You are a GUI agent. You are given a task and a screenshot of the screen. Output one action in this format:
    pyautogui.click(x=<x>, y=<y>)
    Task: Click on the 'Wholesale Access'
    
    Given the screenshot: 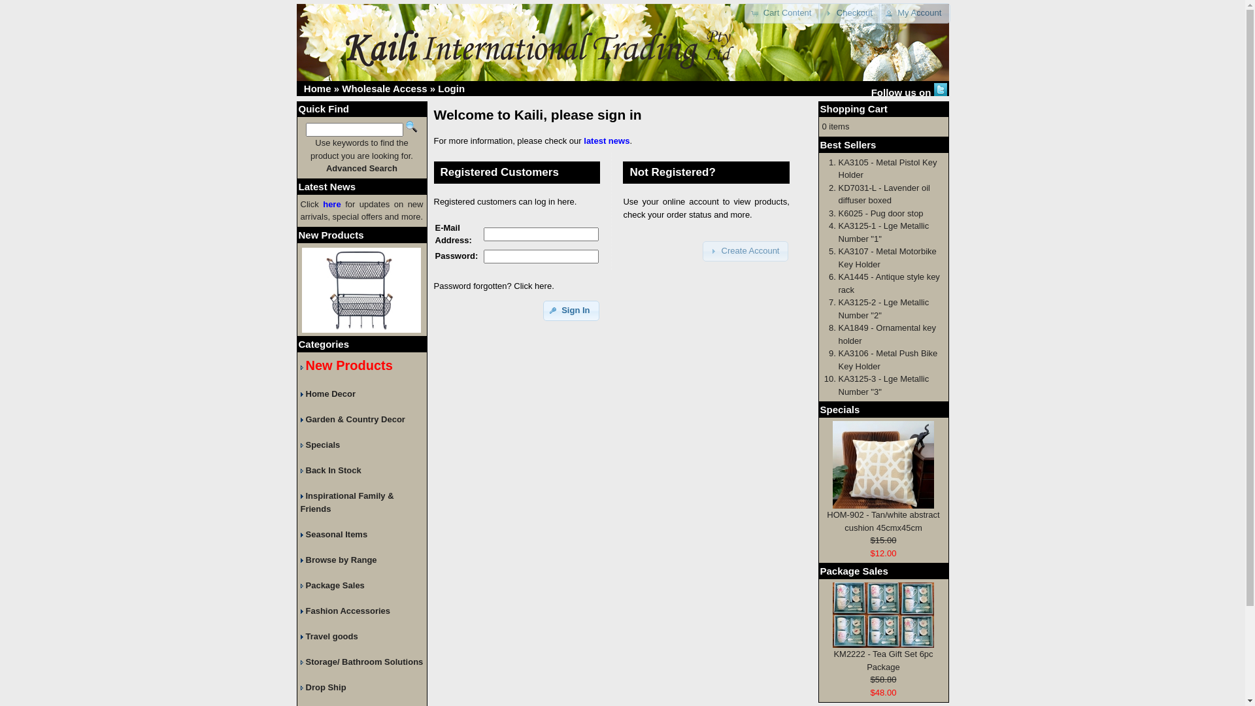 What is the action you would take?
    pyautogui.click(x=342, y=88)
    